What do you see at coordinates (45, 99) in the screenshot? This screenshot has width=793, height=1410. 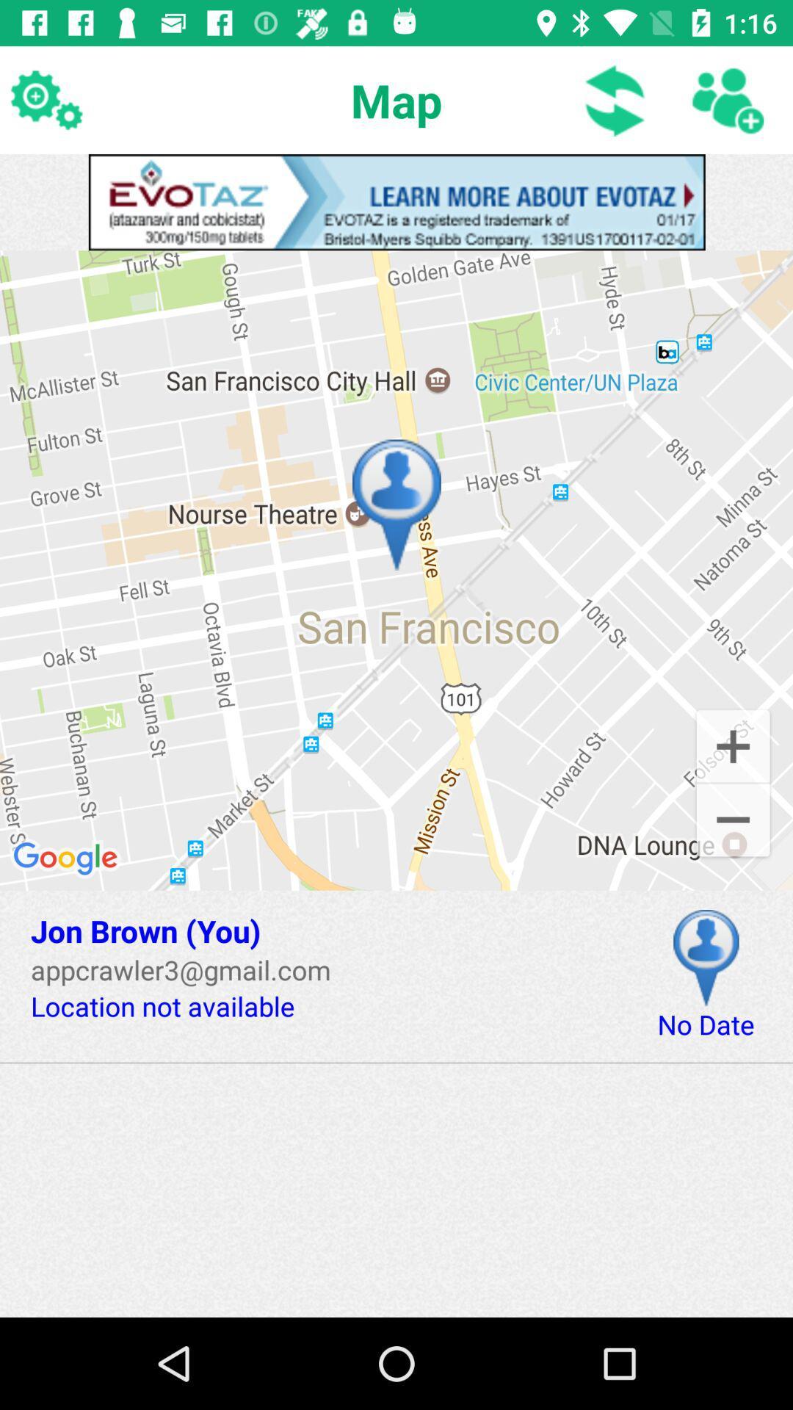 I see `options menu` at bounding box center [45, 99].